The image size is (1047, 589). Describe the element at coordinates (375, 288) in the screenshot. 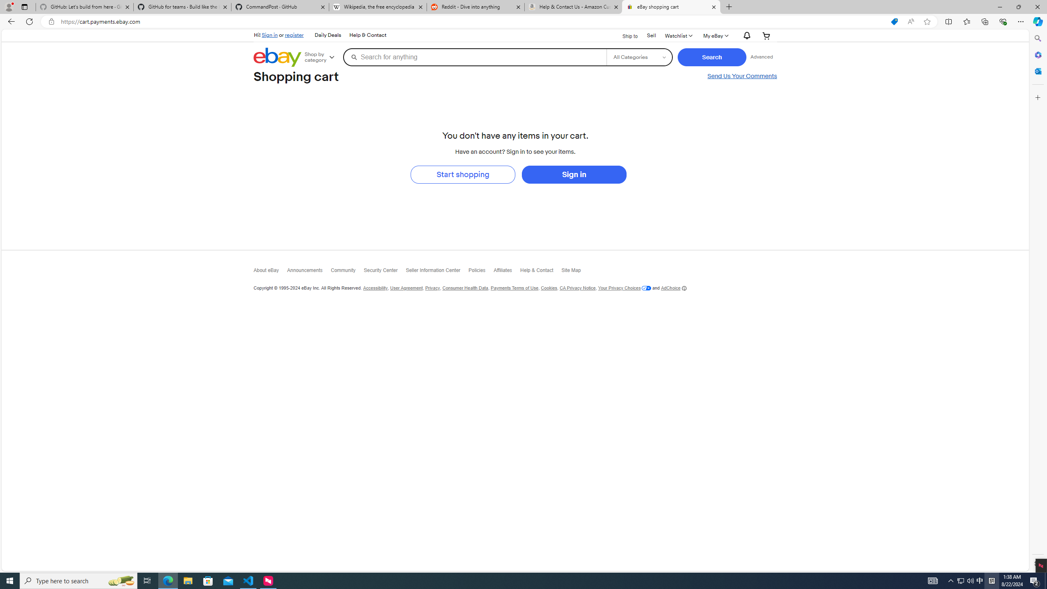

I see `'Accessibility'` at that location.